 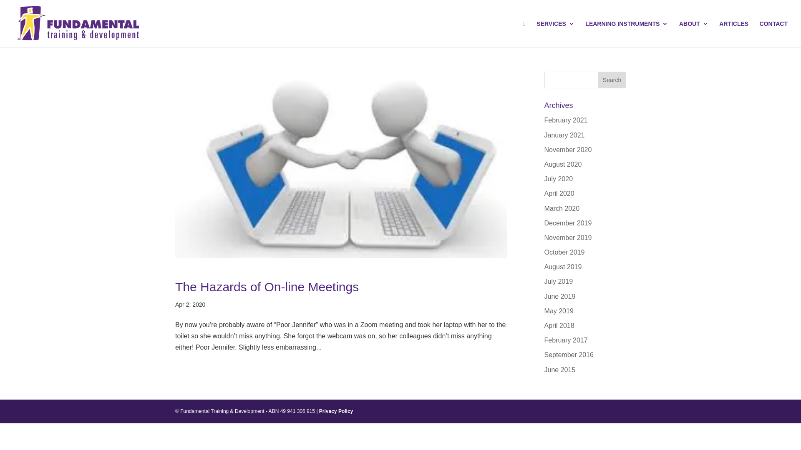 What do you see at coordinates (544, 267) in the screenshot?
I see `'August 2019'` at bounding box center [544, 267].